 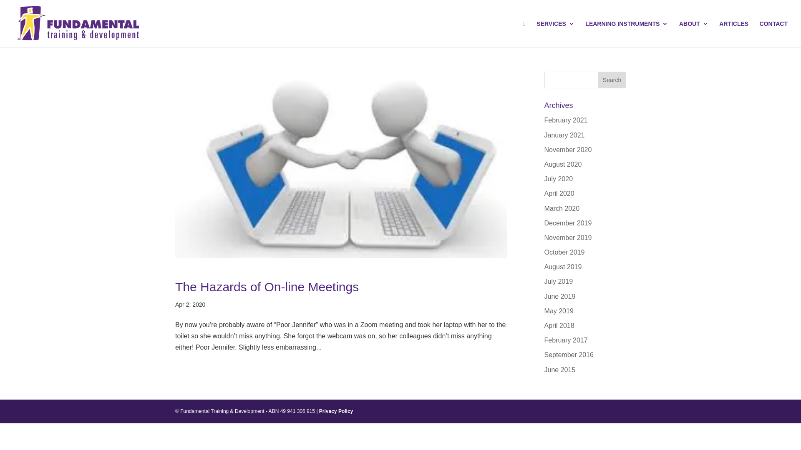 What do you see at coordinates (544, 267) in the screenshot?
I see `'August 2019'` at bounding box center [544, 267].